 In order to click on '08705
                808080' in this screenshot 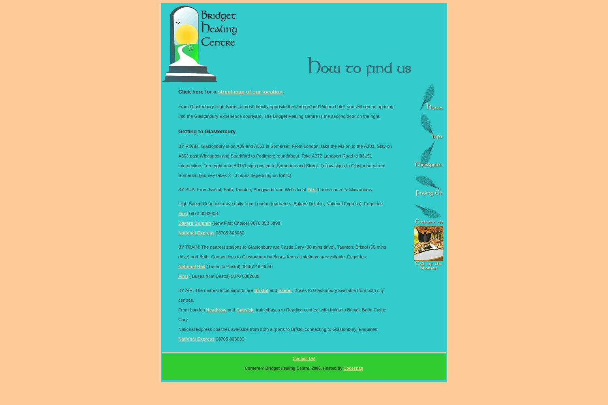, I will do `click(229, 338)`.